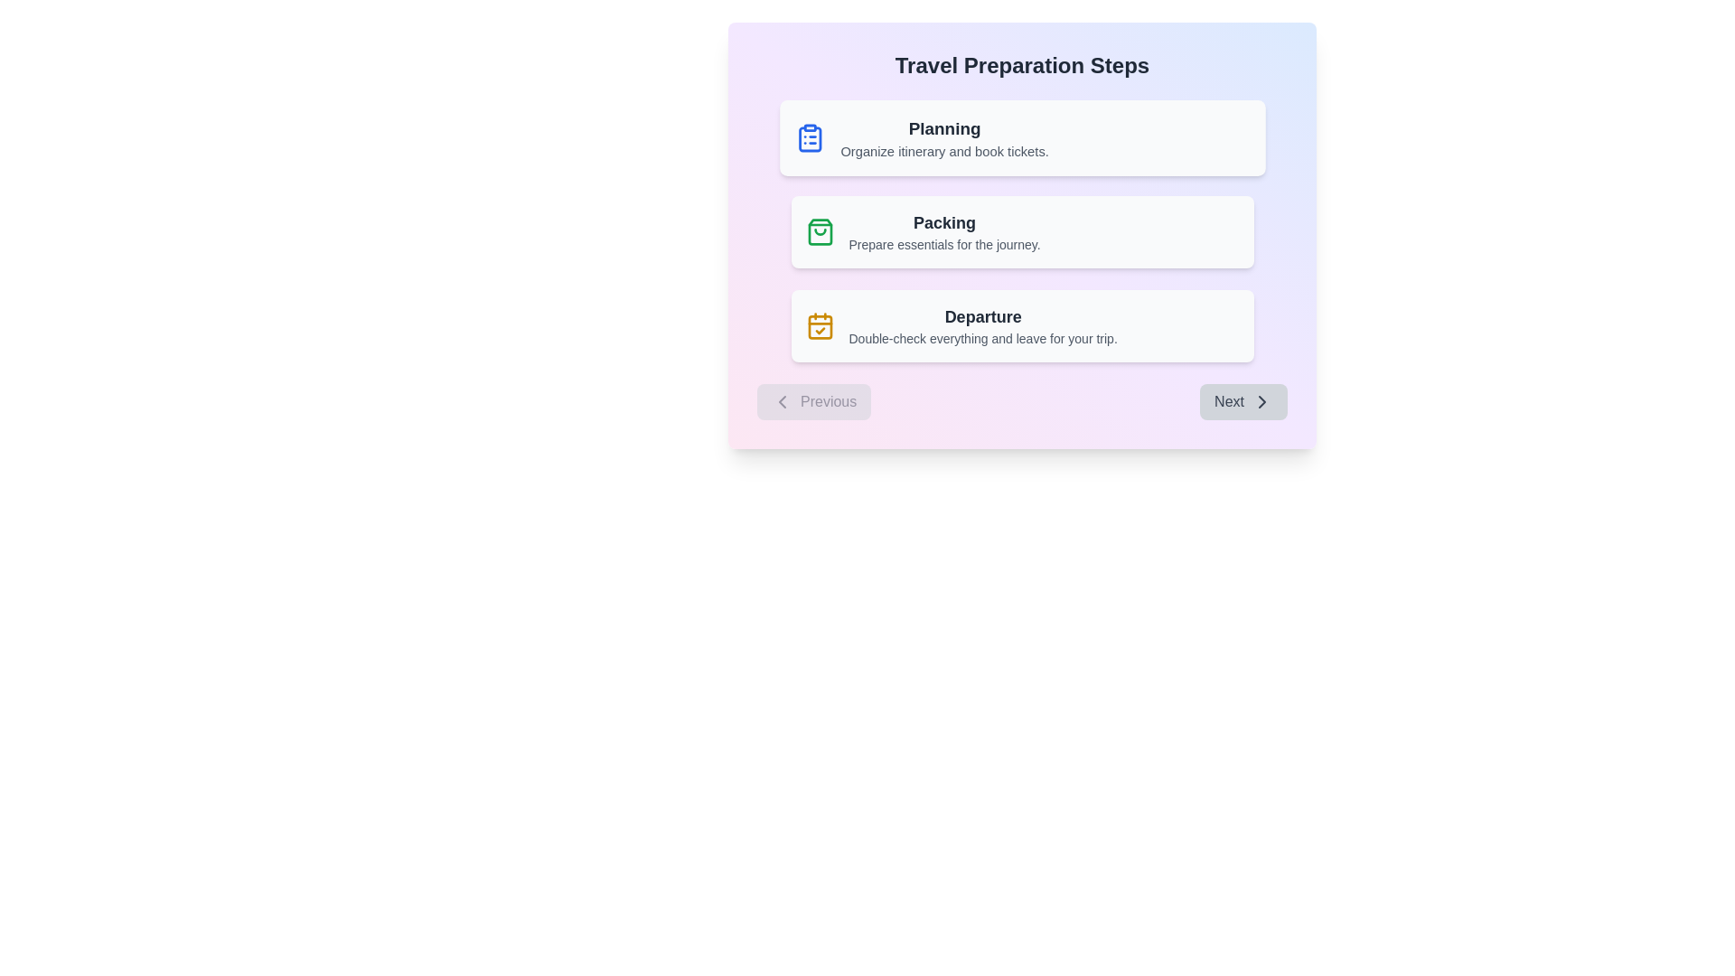 This screenshot has height=976, width=1735. Describe the element at coordinates (1261, 400) in the screenshot. I see `the chevron icon within the 'Next' button located at the bottom-right corner of the interface` at that location.